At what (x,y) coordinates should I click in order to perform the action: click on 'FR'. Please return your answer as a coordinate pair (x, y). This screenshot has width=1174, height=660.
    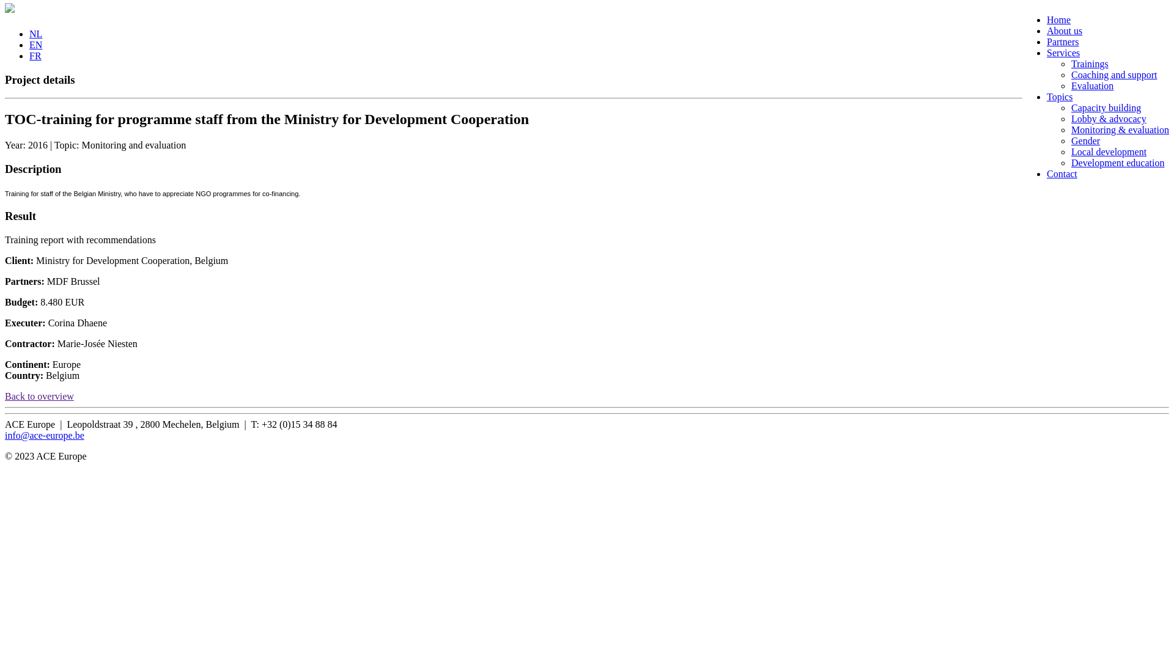
    Looking at the image, I should click on (35, 56).